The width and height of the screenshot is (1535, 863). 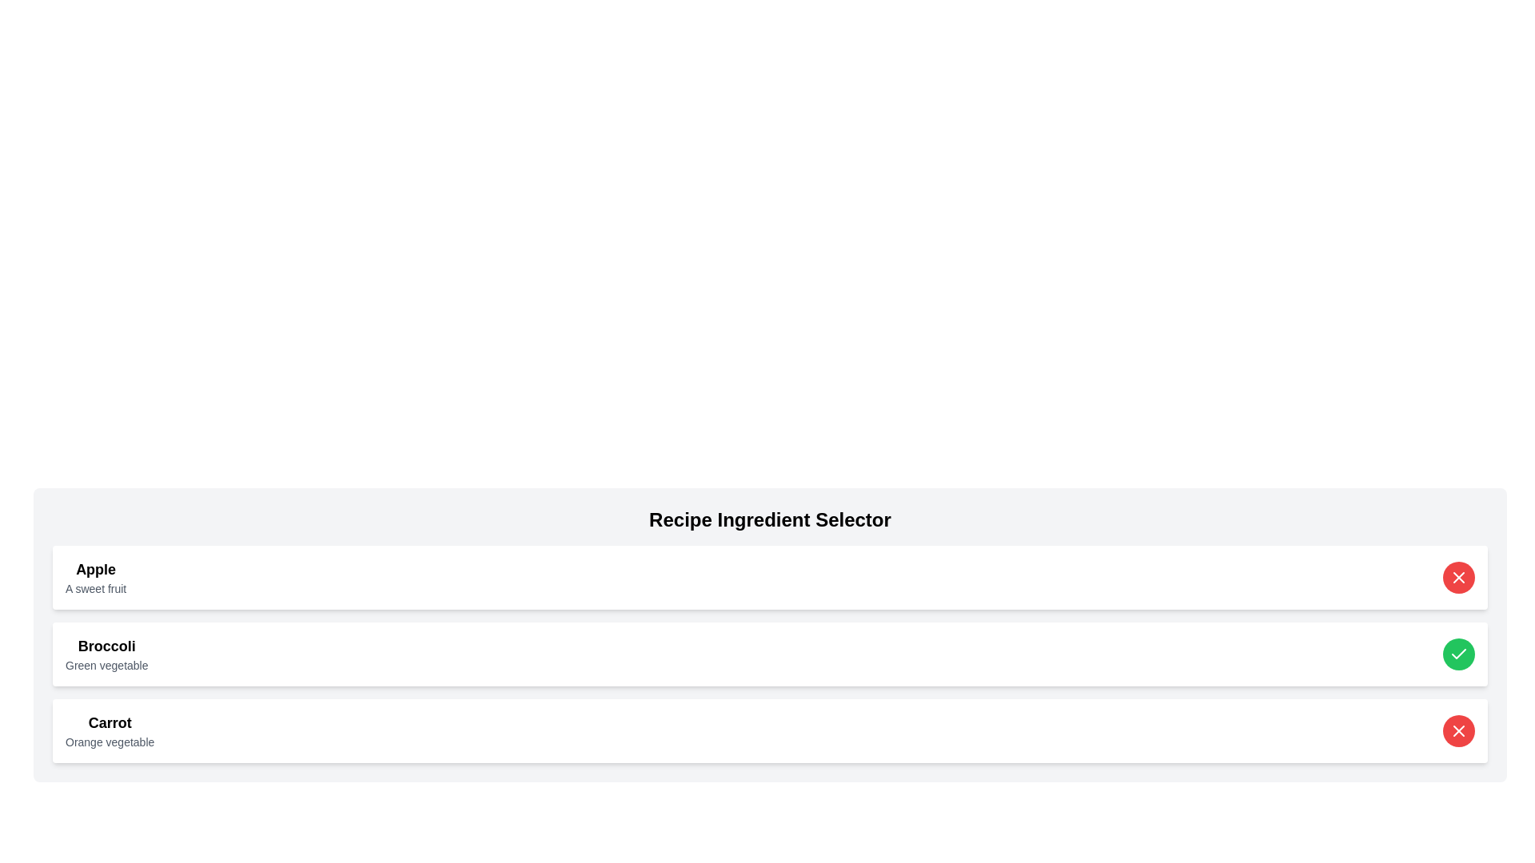 What do you see at coordinates (109, 730) in the screenshot?
I see `the text element displaying 'Carrot' in large, bold font, which is part of the Recipe Ingredient Selector list, positioned between 'Broccoli: Green vegetable' and an empty area` at bounding box center [109, 730].